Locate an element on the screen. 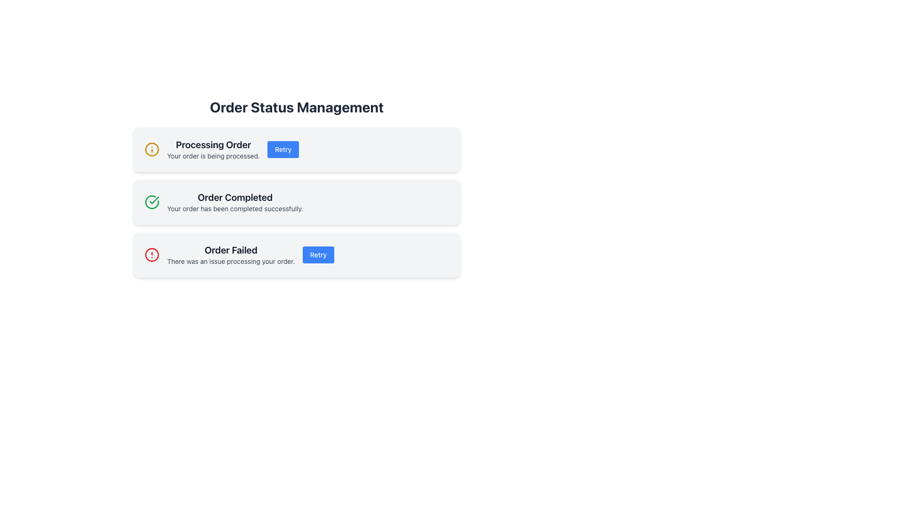 The height and width of the screenshot is (508, 904). static text message 'There was an issue processing your order.' which is styled in a small, gray font and located below the 'Order Failed' header is located at coordinates (231, 261).